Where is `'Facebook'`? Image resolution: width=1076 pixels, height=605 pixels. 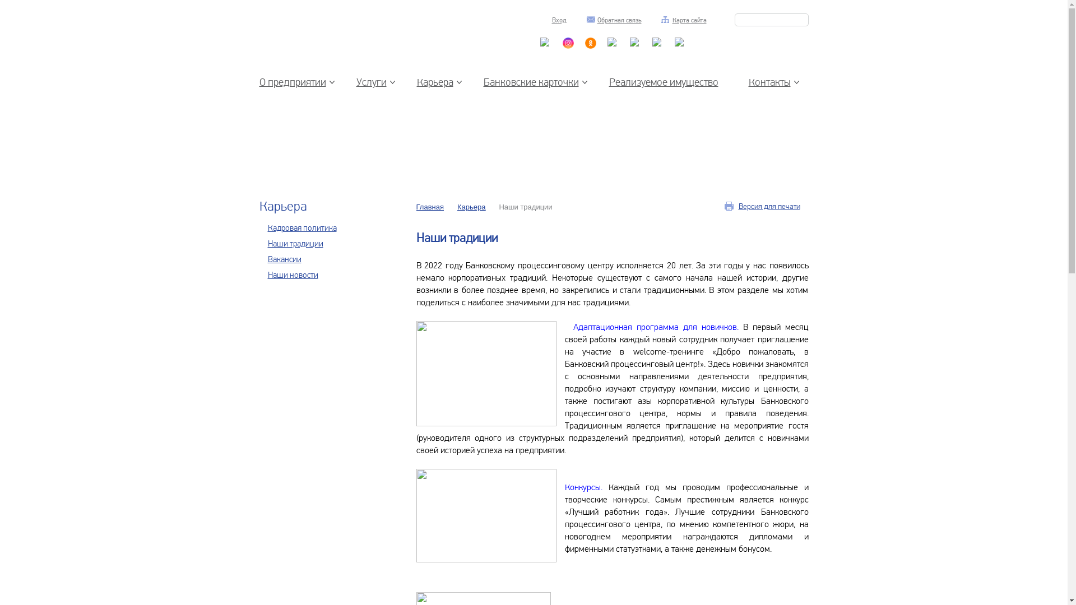
'Facebook' is located at coordinates (680, 52).